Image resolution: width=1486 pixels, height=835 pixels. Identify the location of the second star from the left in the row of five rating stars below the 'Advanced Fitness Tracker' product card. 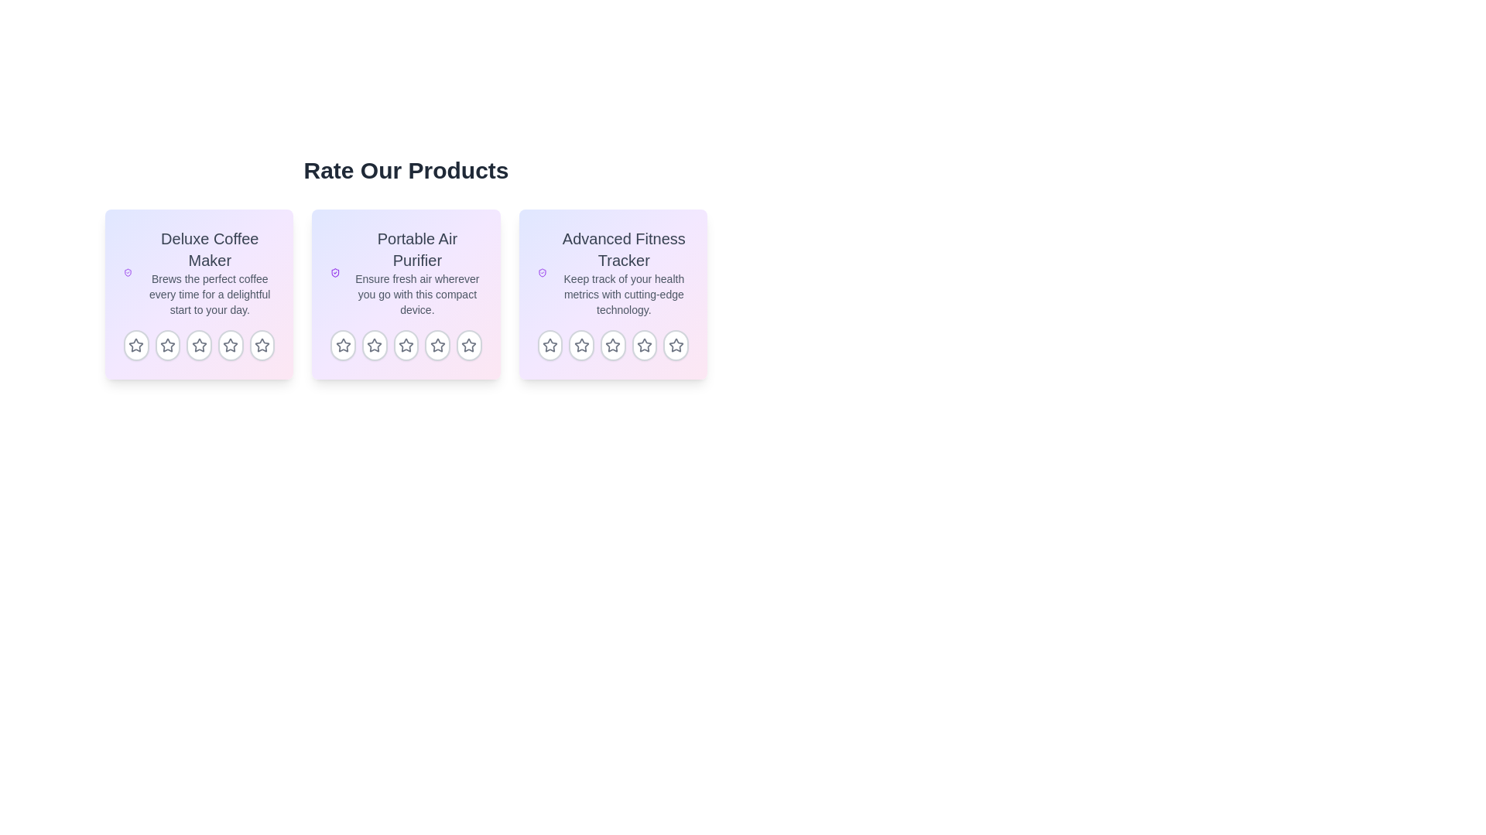
(580, 345).